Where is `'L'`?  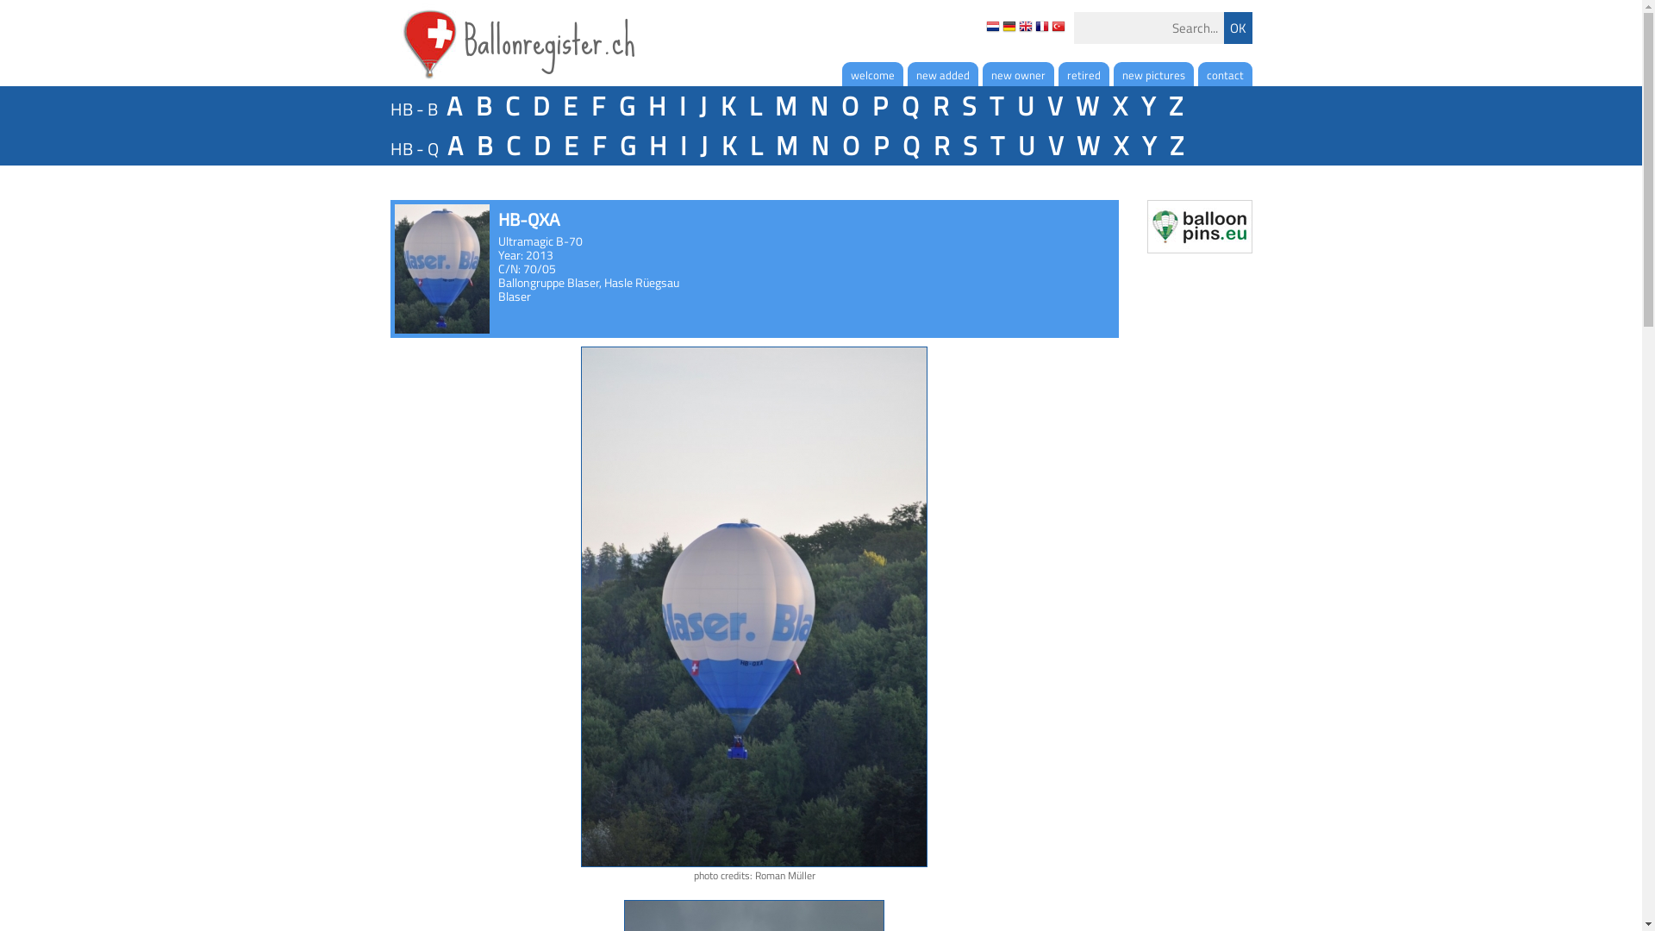
'L' is located at coordinates (756, 145).